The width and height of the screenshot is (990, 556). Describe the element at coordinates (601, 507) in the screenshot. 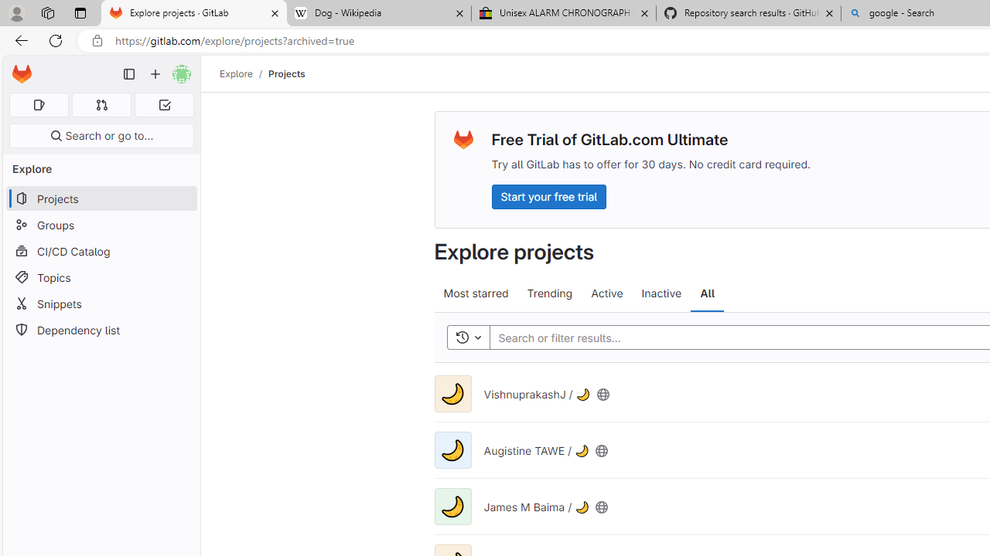

I see `'Class: s16'` at that location.